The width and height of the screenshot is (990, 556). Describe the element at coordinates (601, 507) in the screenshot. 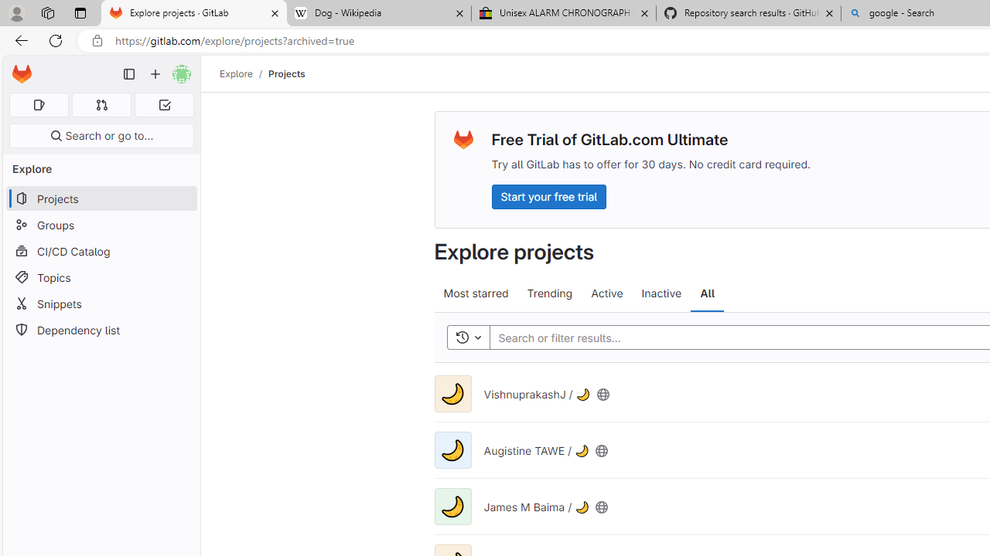

I see `'Class: s16'` at that location.